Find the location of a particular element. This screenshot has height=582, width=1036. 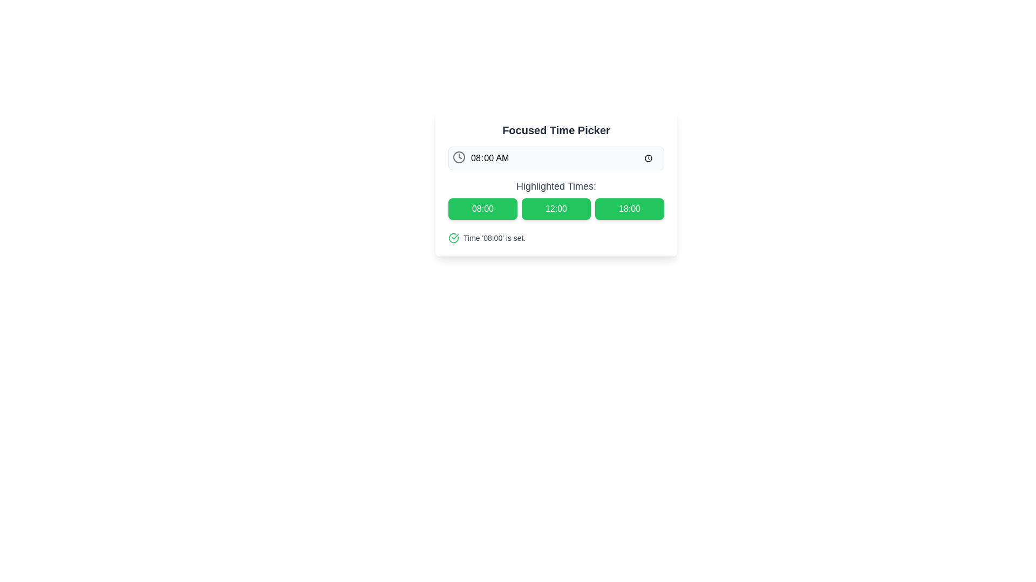

the green rectangular button labeled '12:00' located centrally under the heading 'Highlighted Times:' is located at coordinates (556, 209).